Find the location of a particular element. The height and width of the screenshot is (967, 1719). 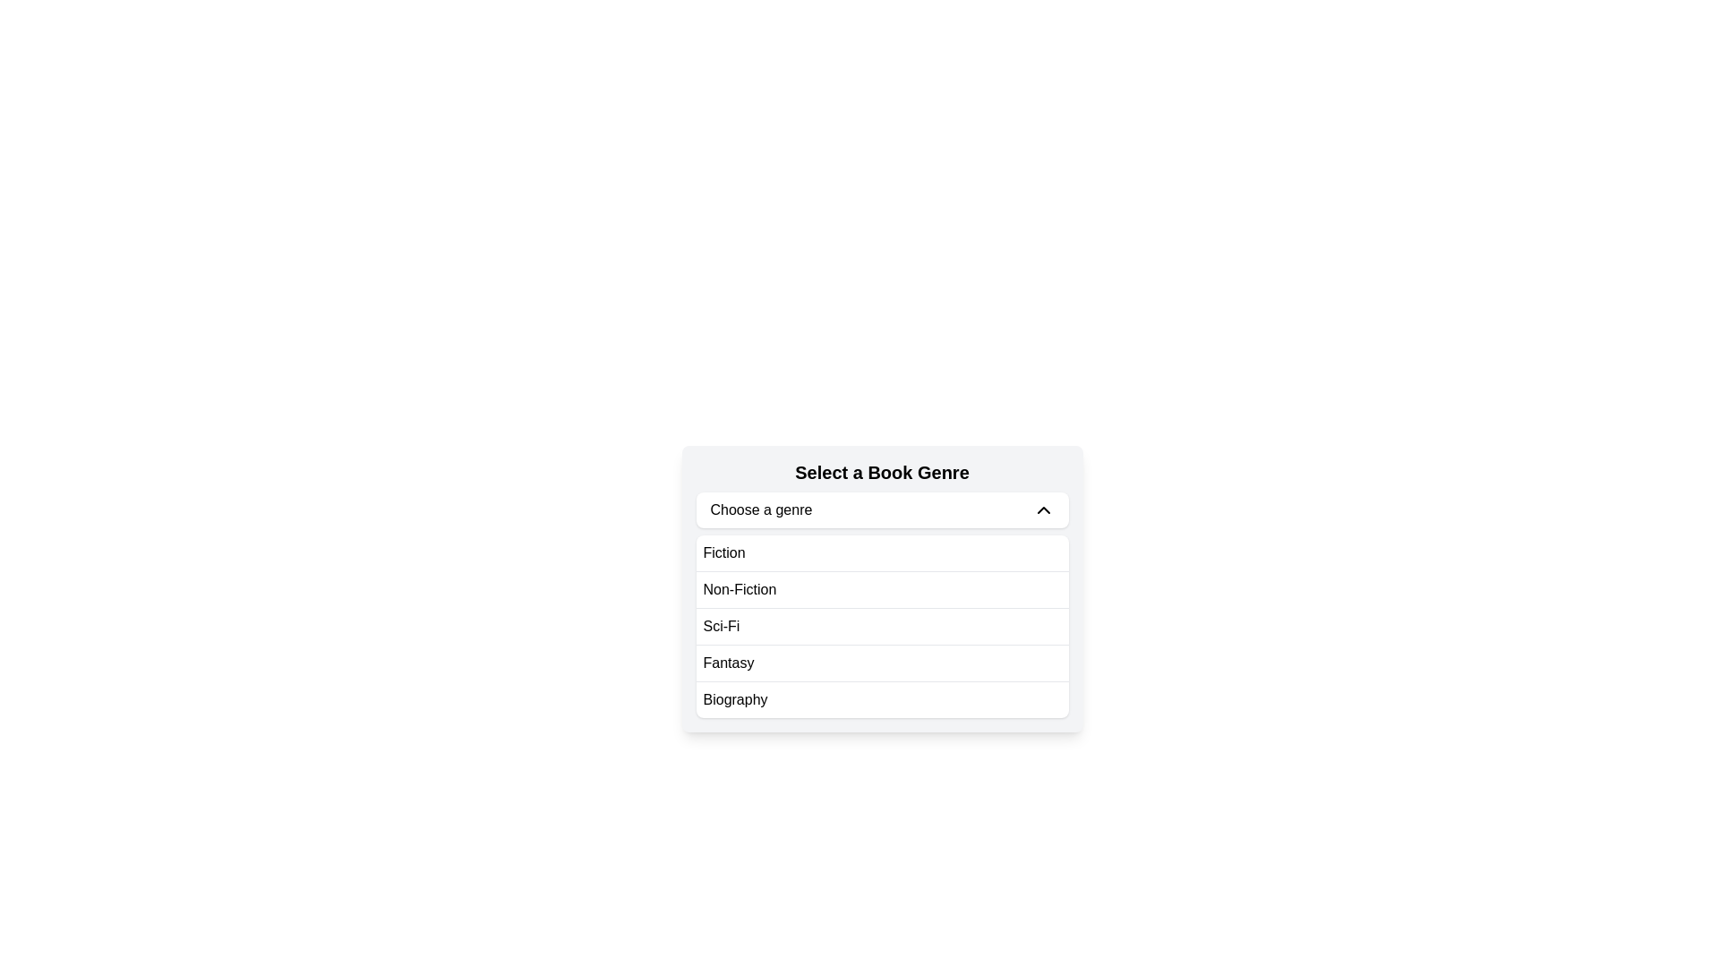

the text field displaying 'Choose a genre' is located at coordinates (761, 510).